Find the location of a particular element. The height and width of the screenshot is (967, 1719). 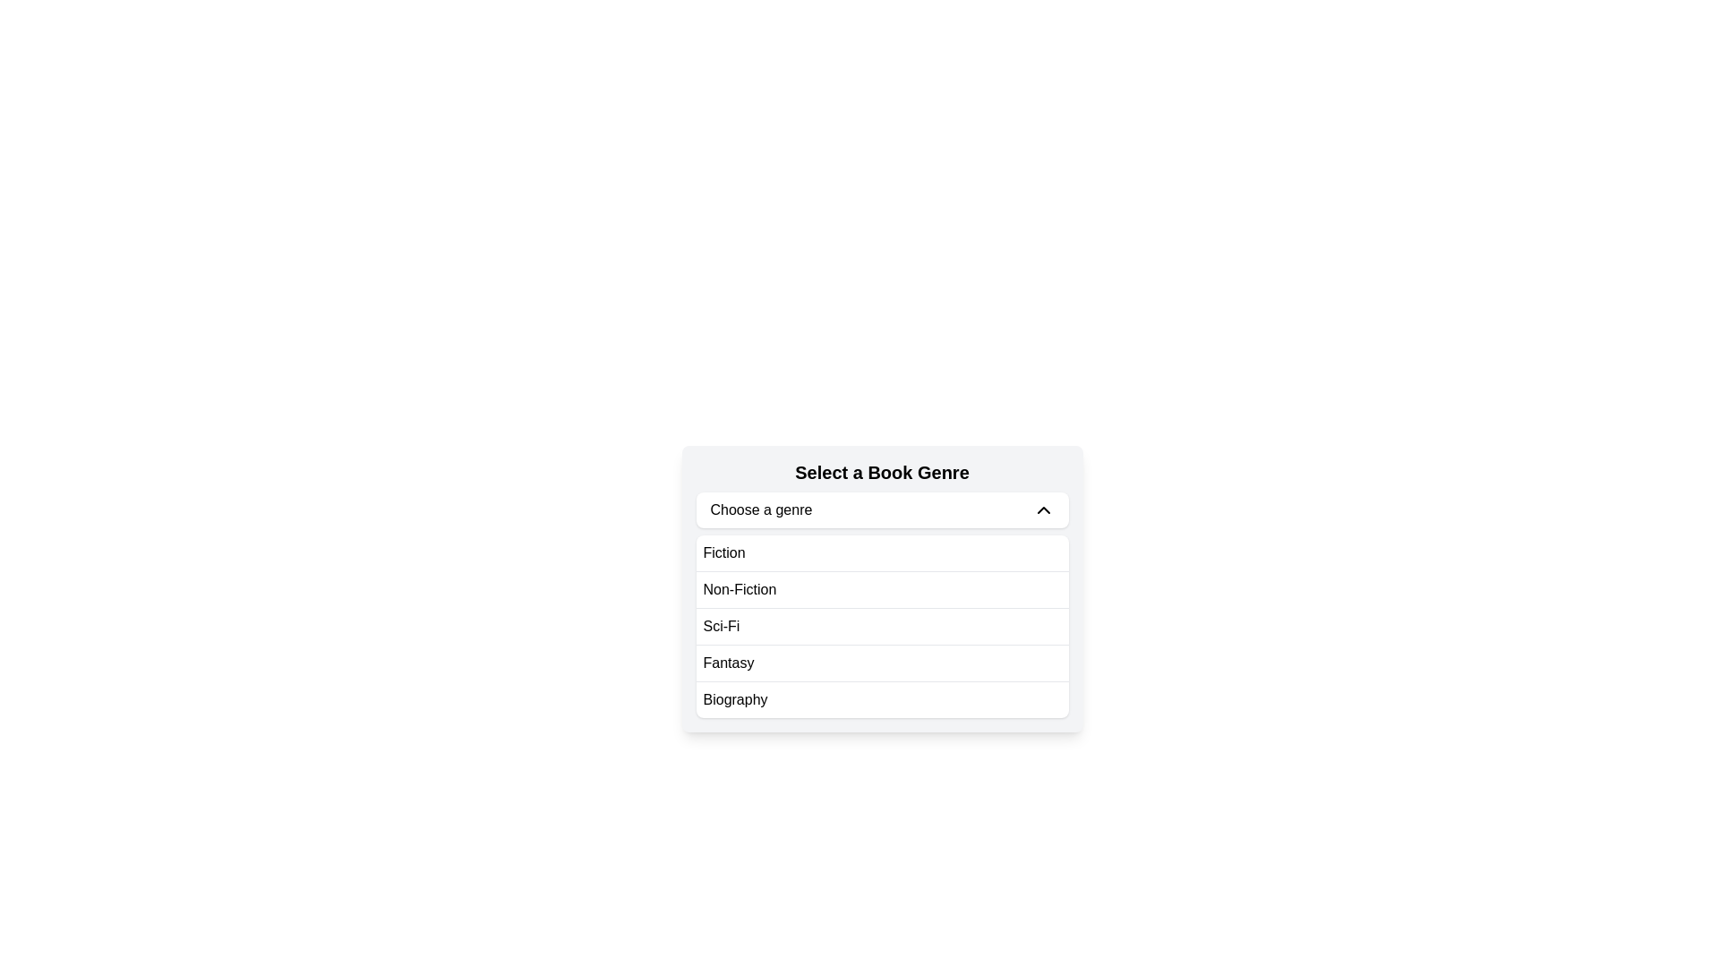

the text field displaying 'Choose a genre' is located at coordinates (761, 510).